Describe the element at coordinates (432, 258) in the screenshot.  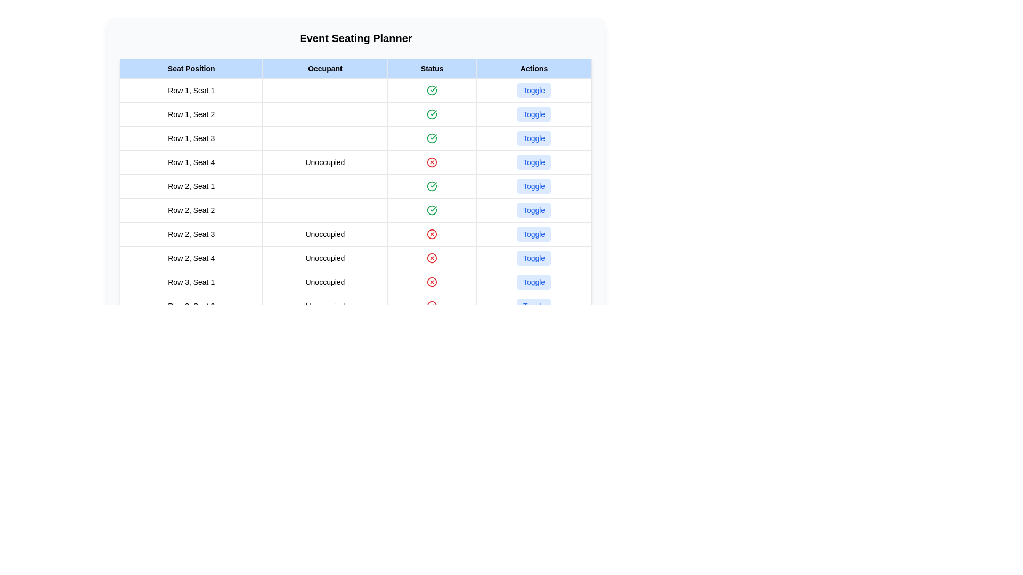
I see `the icon representing the negative or unavailable status in the third column of the 'Row 2, Seat 4', which is adjacent to the 'Unoccupied' text and the 'Toggle' button` at that location.